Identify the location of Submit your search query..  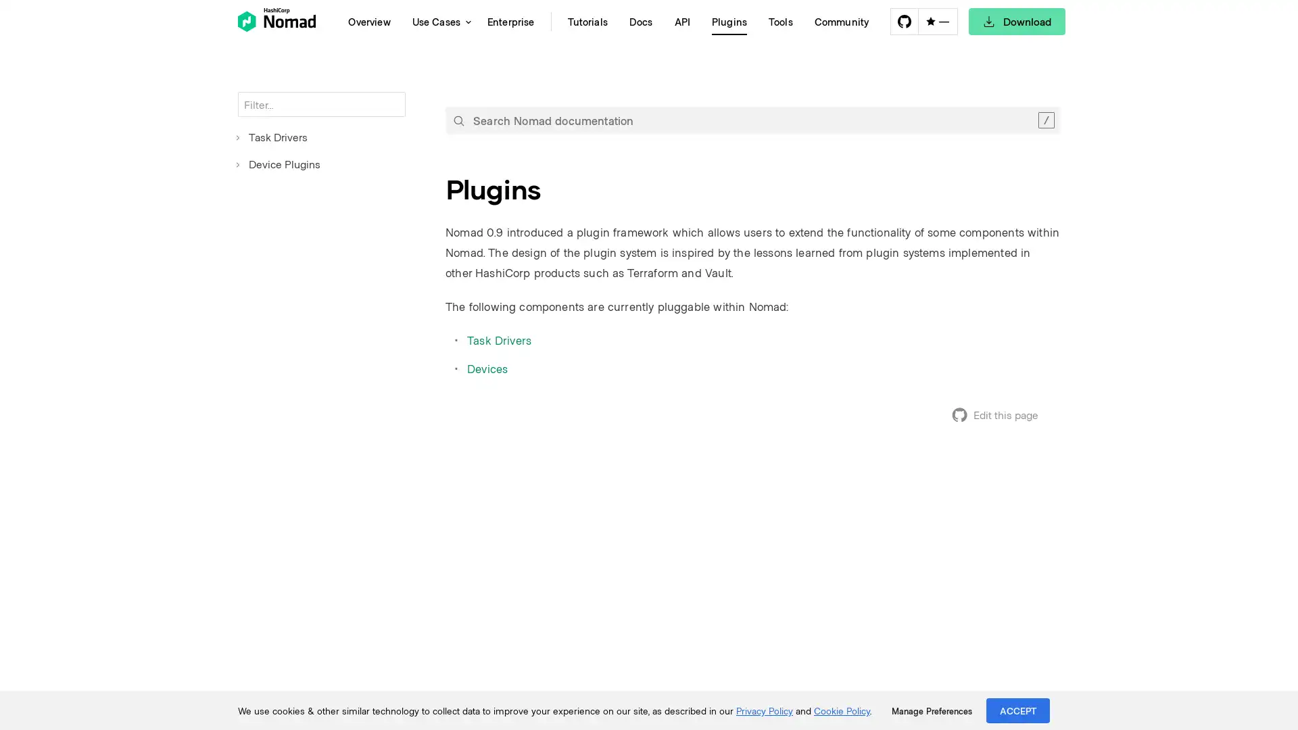
(458, 119).